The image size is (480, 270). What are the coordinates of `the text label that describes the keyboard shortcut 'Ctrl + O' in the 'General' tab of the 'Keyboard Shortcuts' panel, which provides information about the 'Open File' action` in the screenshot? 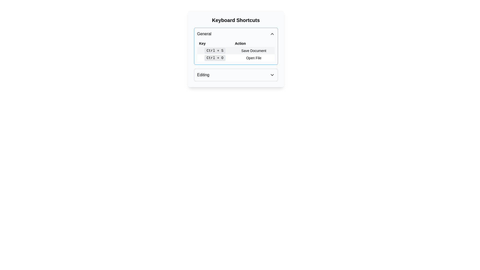 It's located at (254, 57).